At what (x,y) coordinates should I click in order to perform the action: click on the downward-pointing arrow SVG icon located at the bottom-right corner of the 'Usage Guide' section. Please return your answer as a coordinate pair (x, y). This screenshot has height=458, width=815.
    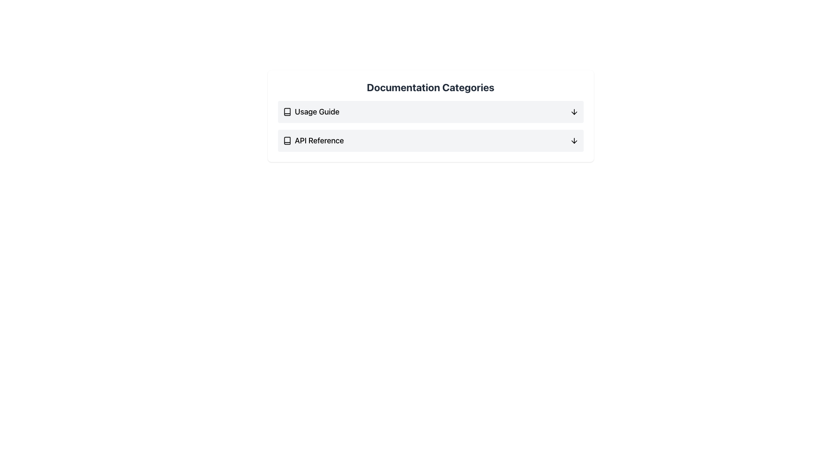
    Looking at the image, I should click on (574, 111).